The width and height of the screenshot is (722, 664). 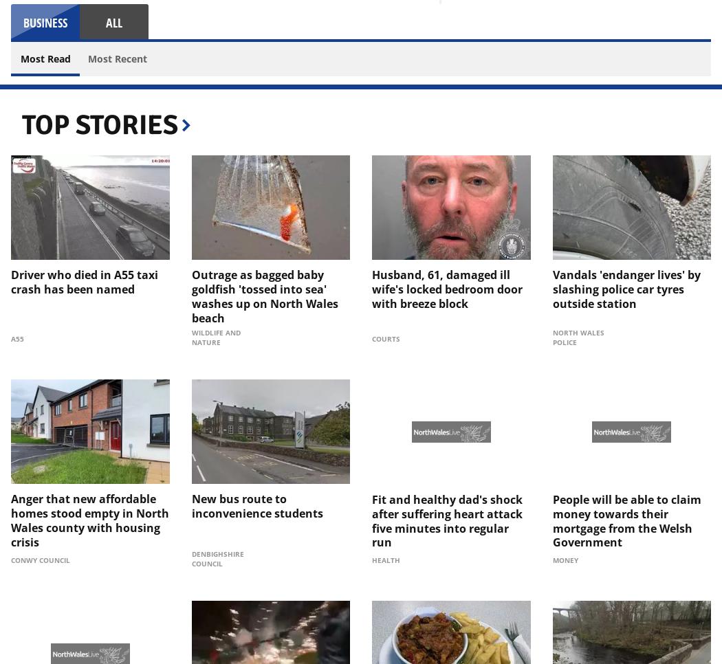 I want to click on 'Wildlife and Nature', so click(x=215, y=335).